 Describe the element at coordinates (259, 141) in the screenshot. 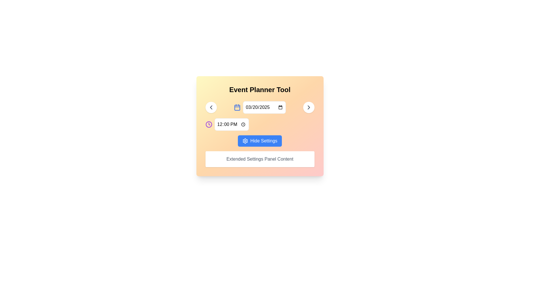

I see `the toggle button located in the 'Event Planner Tool' panel to hide the extended settings panel` at that location.